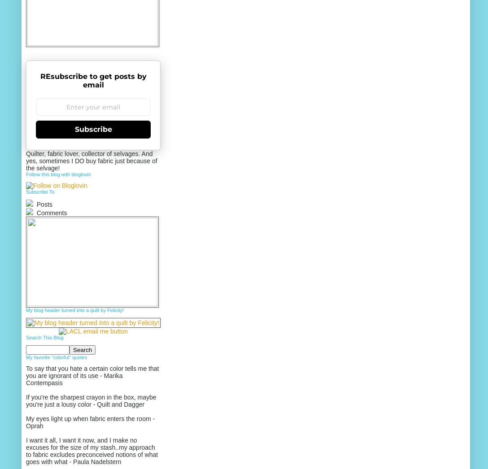 The height and width of the screenshot is (469, 488). Describe the element at coordinates (56, 357) in the screenshot. I see `'My favorite "colorful" quotes'` at that location.